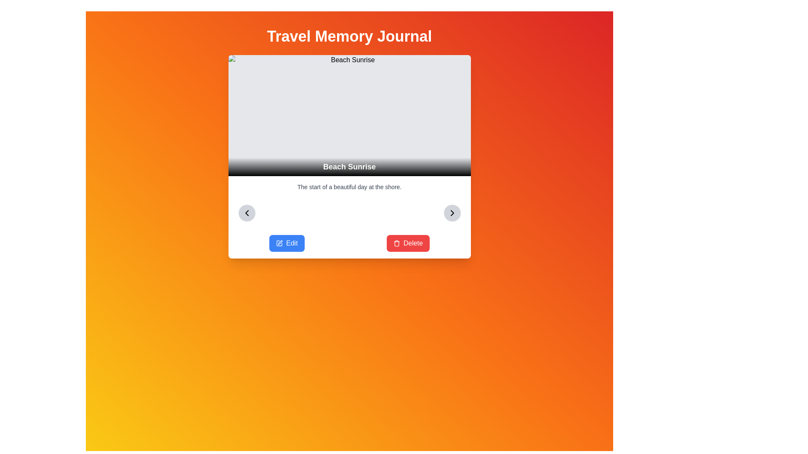 The image size is (808, 454). What do you see at coordinates (349, 186) in the screenshot?
I see `the text label displaying 'The start of a beautiful day at the shore.'` at bounding box center [349, 186].